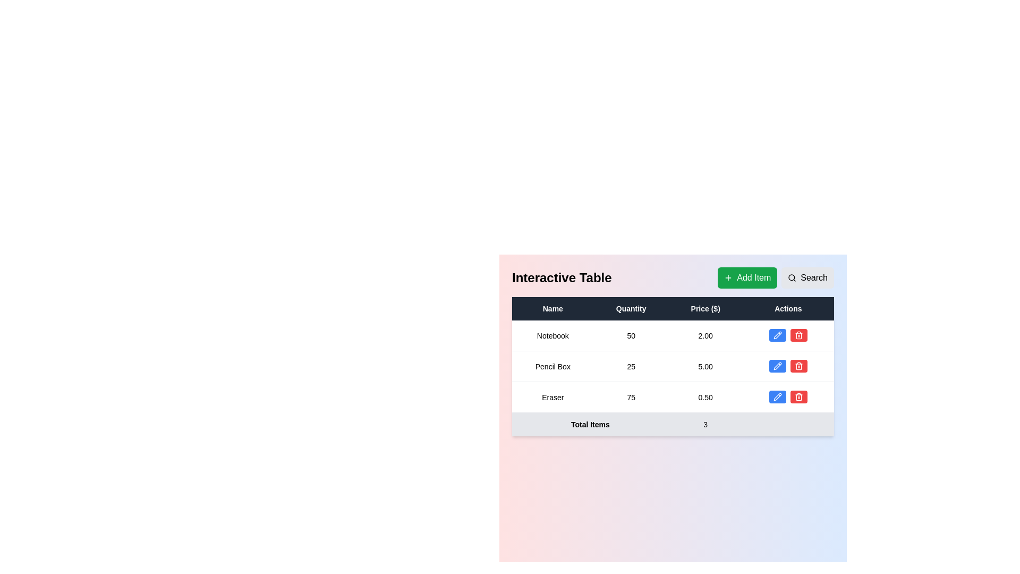  What do you see at coordinates (631, 309) in the screenshot?
I see `the text label in the second column header of the table, which indicates the type or purpose of the column for displaying quantities of items` at bounding box center [631, 309].